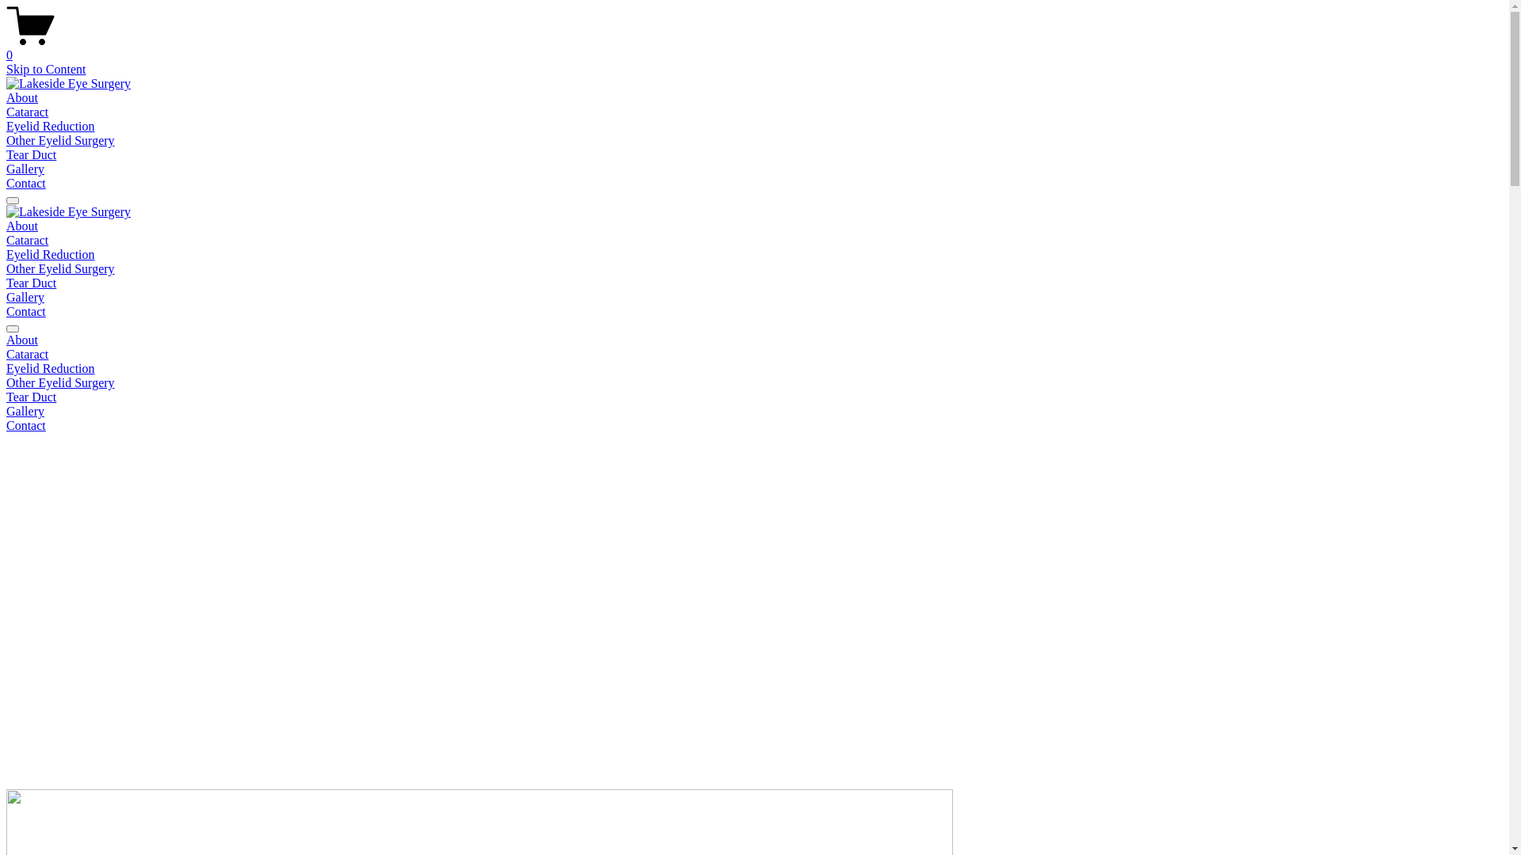 This screenshot has width=1521, height=855. I want to click on 'Other Eyelid Surgery', so click(60, 268).